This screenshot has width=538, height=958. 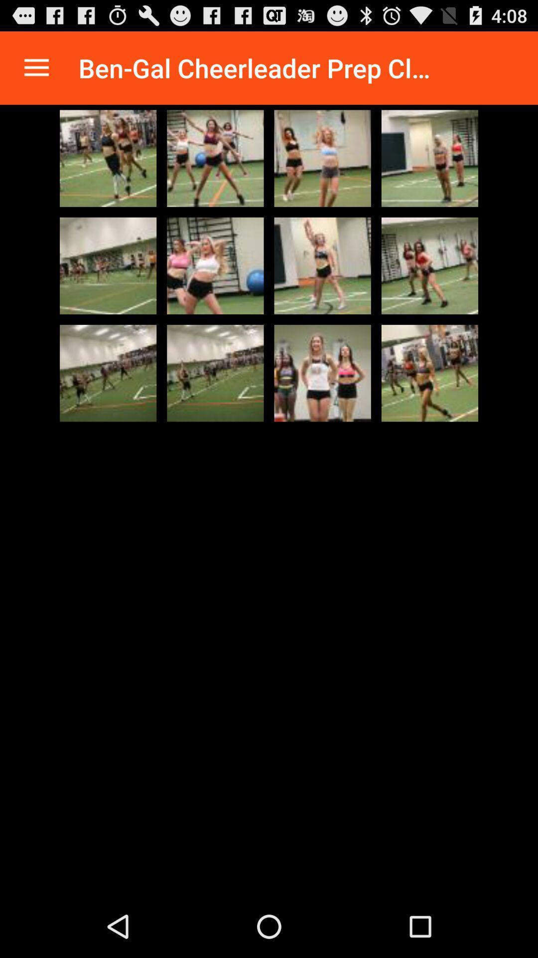 What do you see at coordinates (215, 373) in the screenshot?
I see `show the selected photograph` at bounding box center [215, 373].